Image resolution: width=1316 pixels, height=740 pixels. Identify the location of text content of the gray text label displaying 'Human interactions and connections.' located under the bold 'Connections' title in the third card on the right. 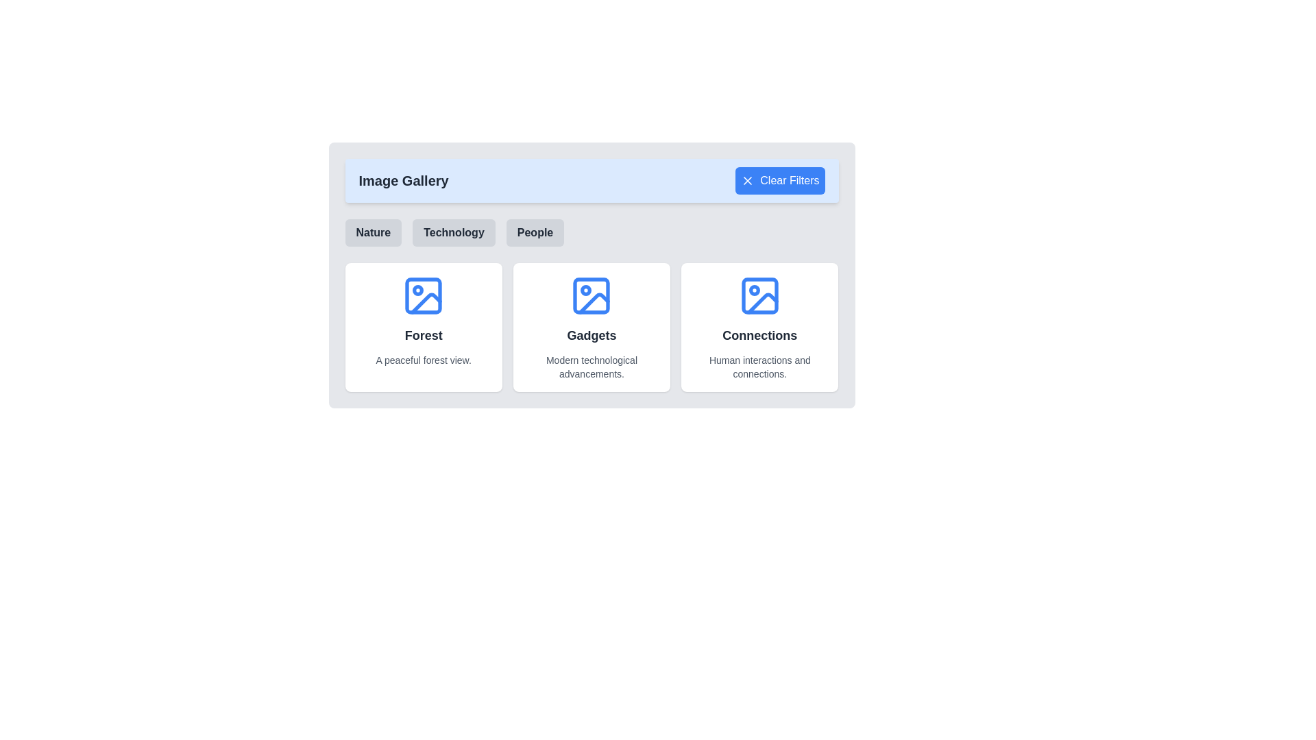
(759, 367).